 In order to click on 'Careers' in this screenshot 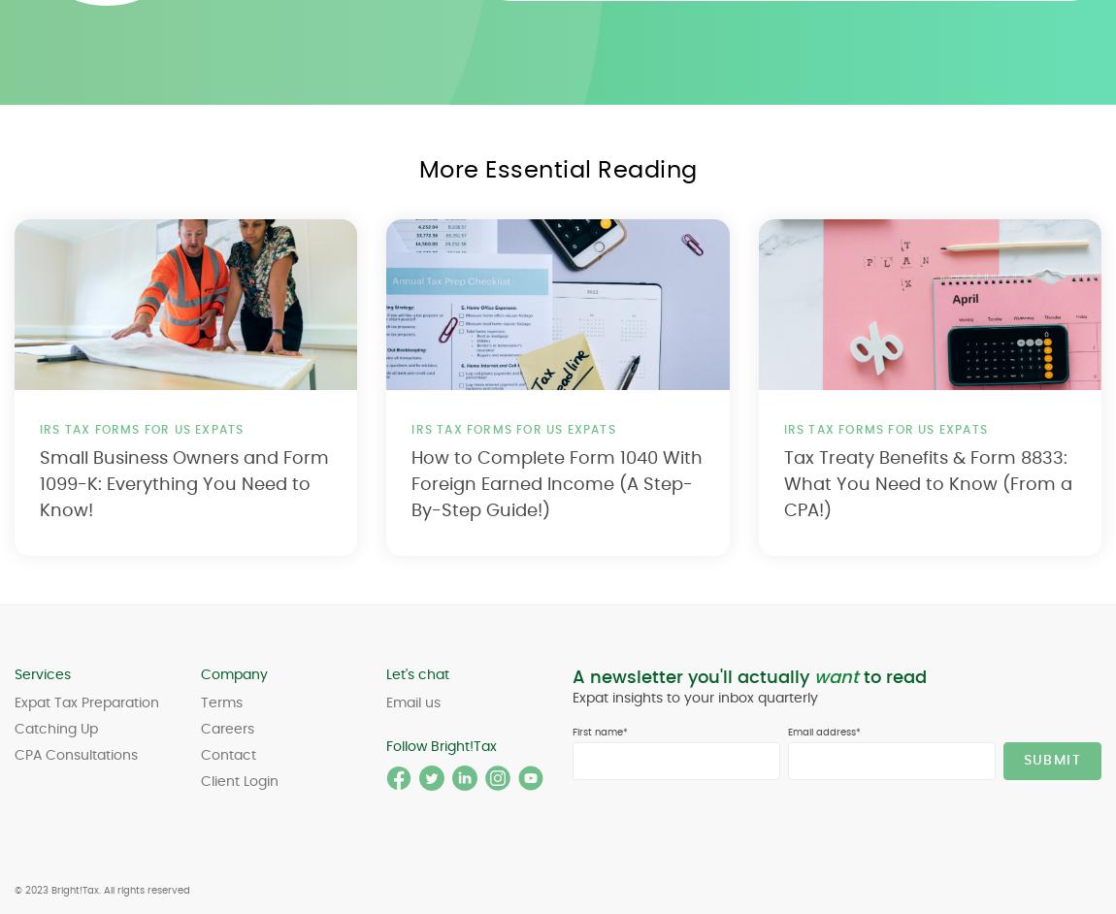, I will do `click(225, 728)`.